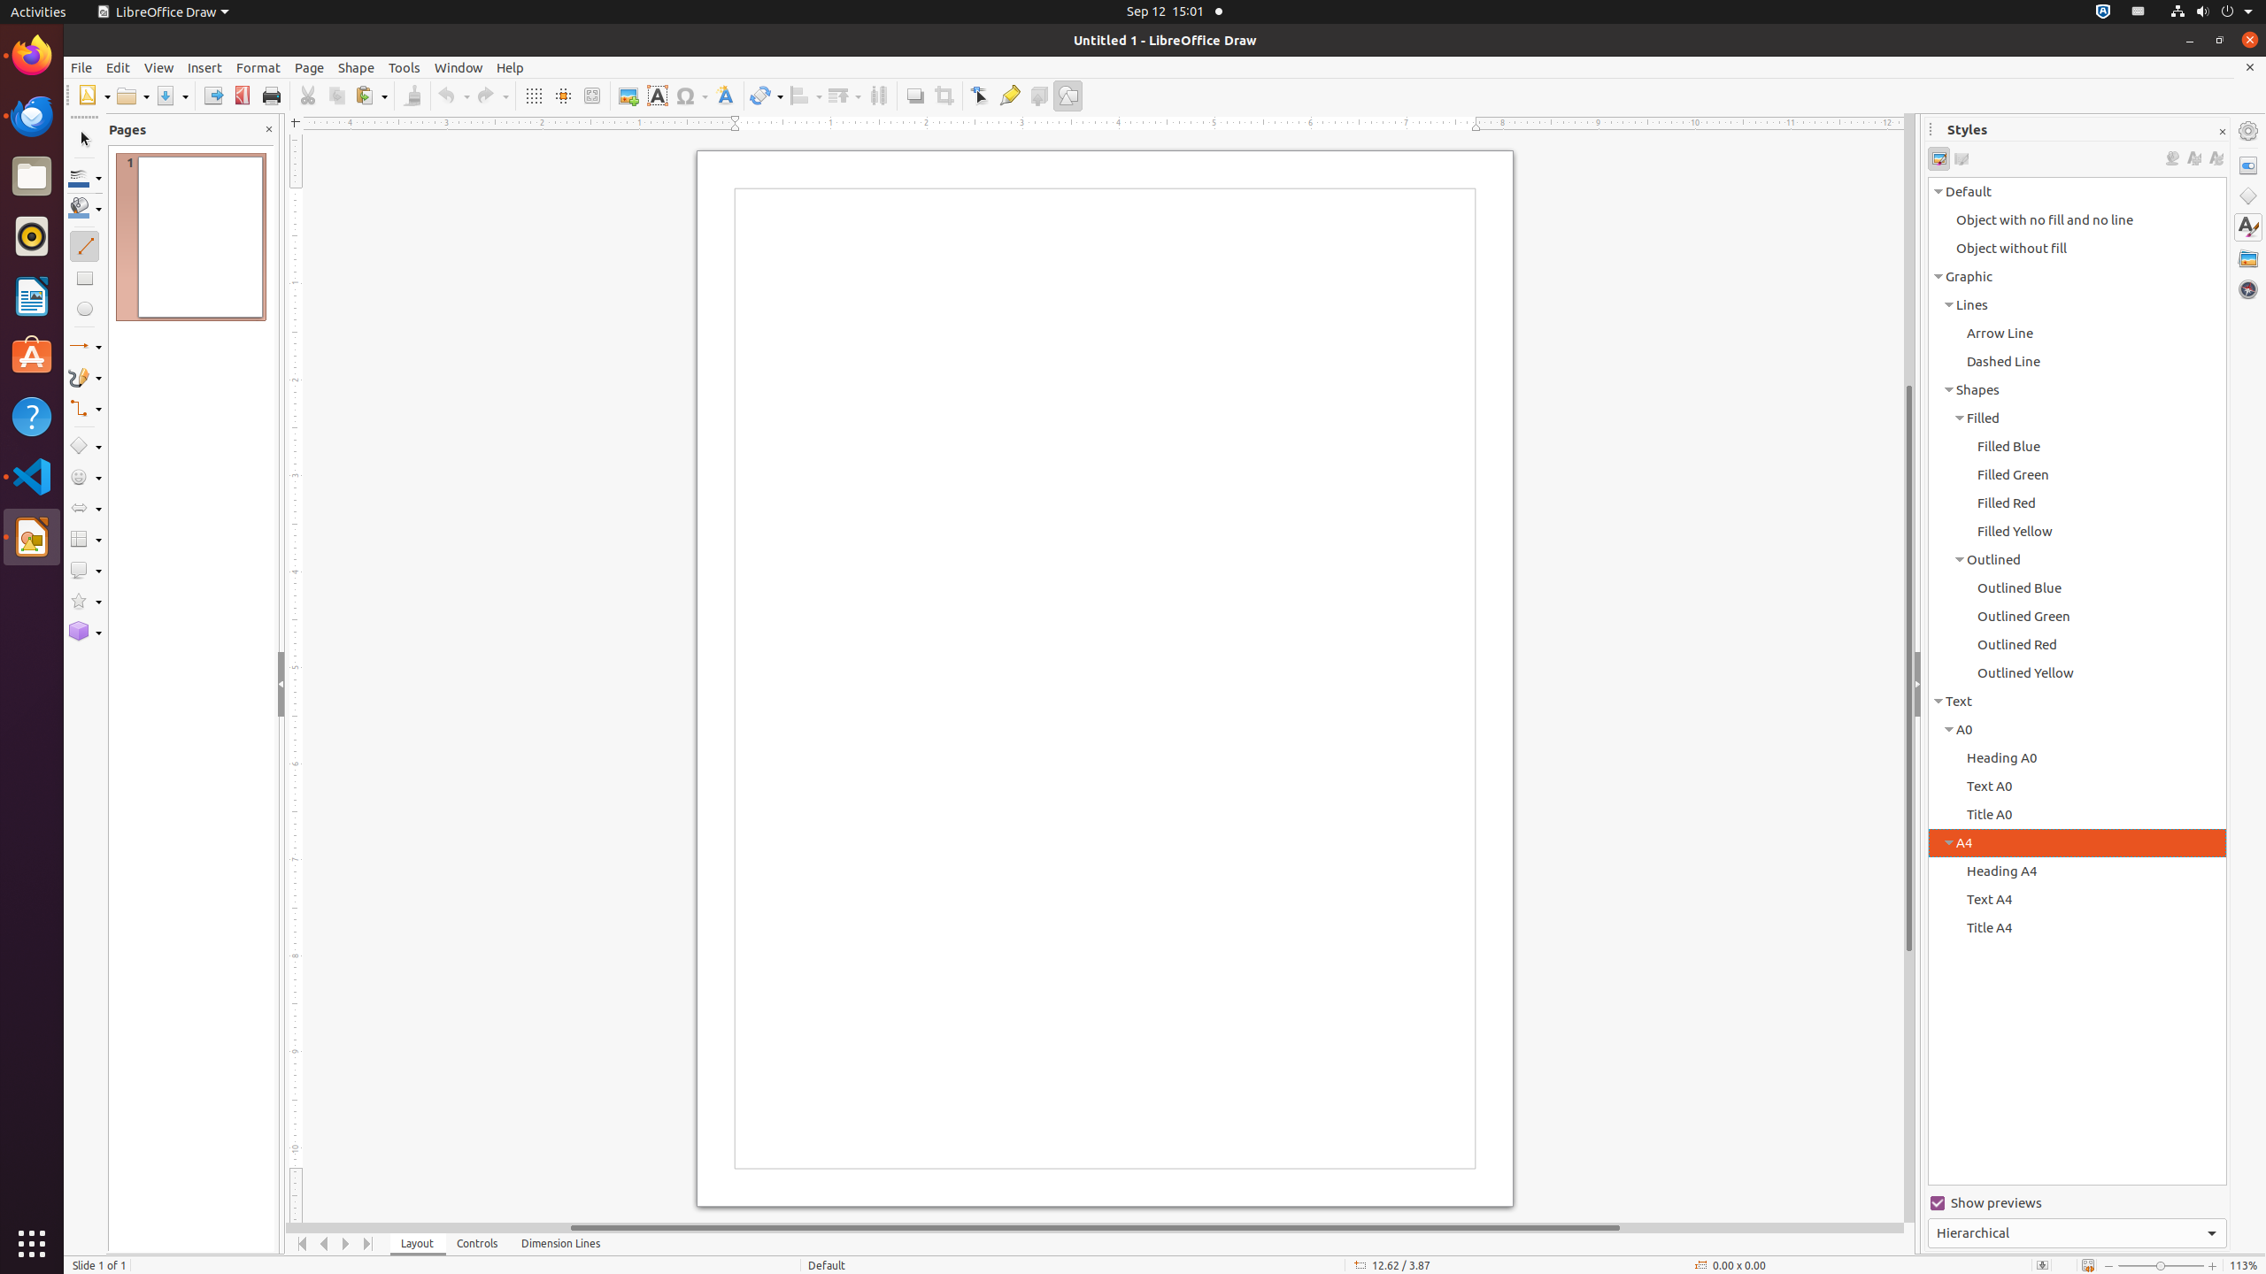  I want to click on ':1.72/StatusNotifierItem', so click(2101, 11).